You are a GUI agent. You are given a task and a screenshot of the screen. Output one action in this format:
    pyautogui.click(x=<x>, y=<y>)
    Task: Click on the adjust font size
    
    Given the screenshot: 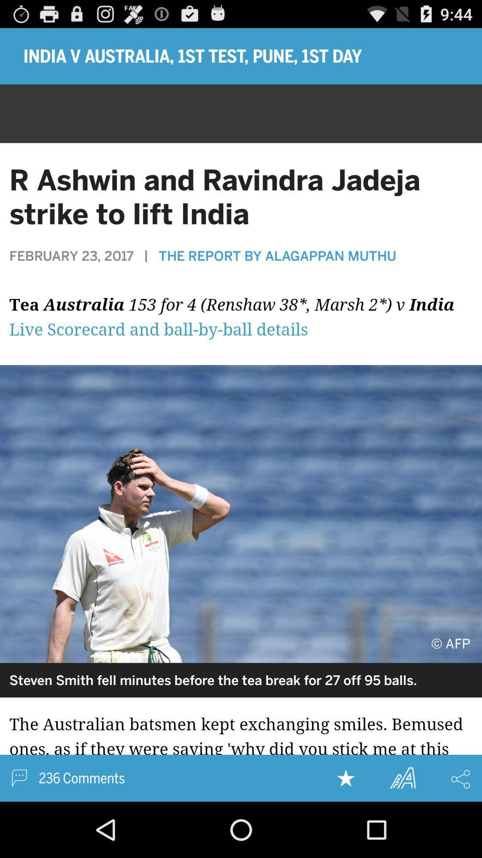 What is the action you would take?
    pyautogui.click(x=403, y=778)
    